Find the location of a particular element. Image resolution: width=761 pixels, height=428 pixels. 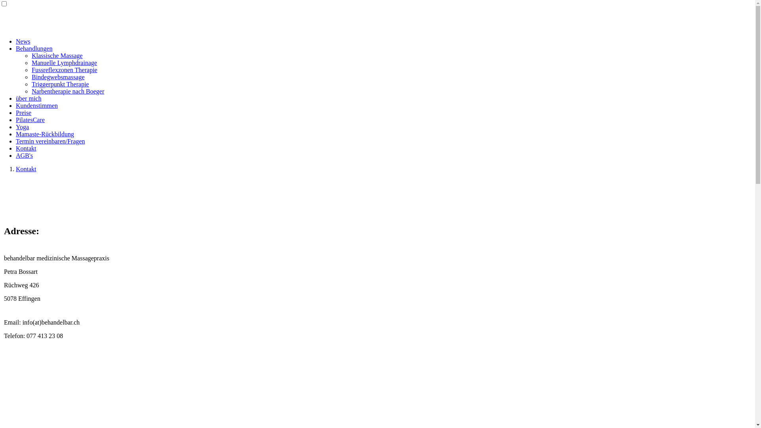

'Behandlungen' is located at coordinates (34, 48).